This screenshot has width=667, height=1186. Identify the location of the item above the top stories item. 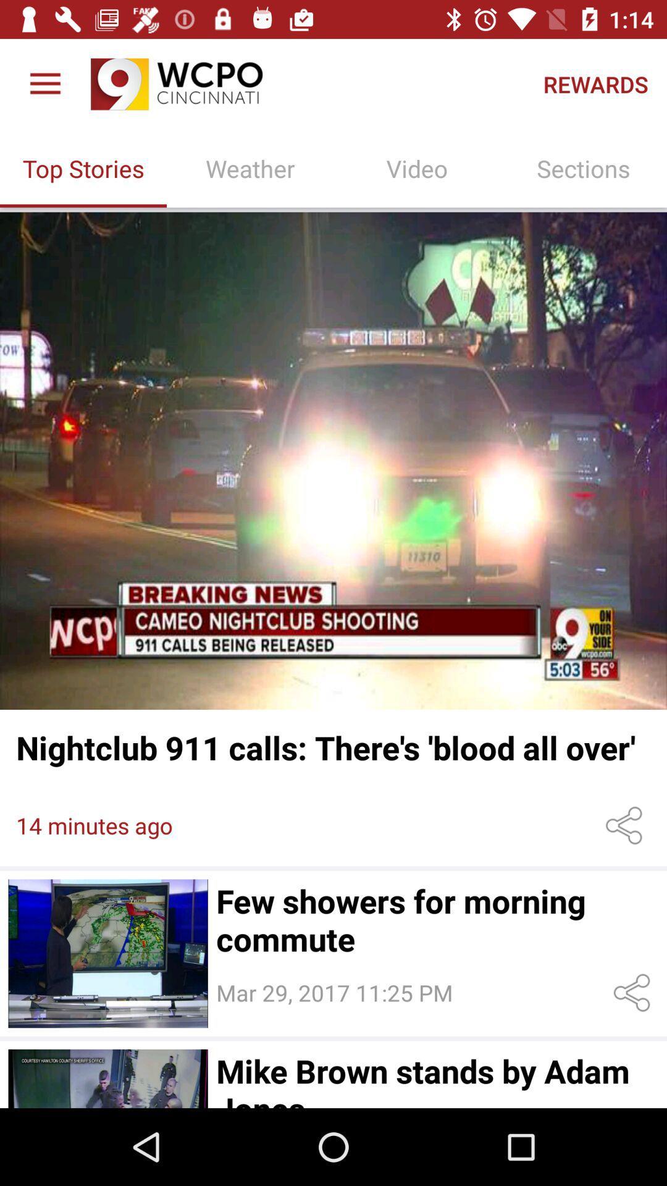
(44, 83).